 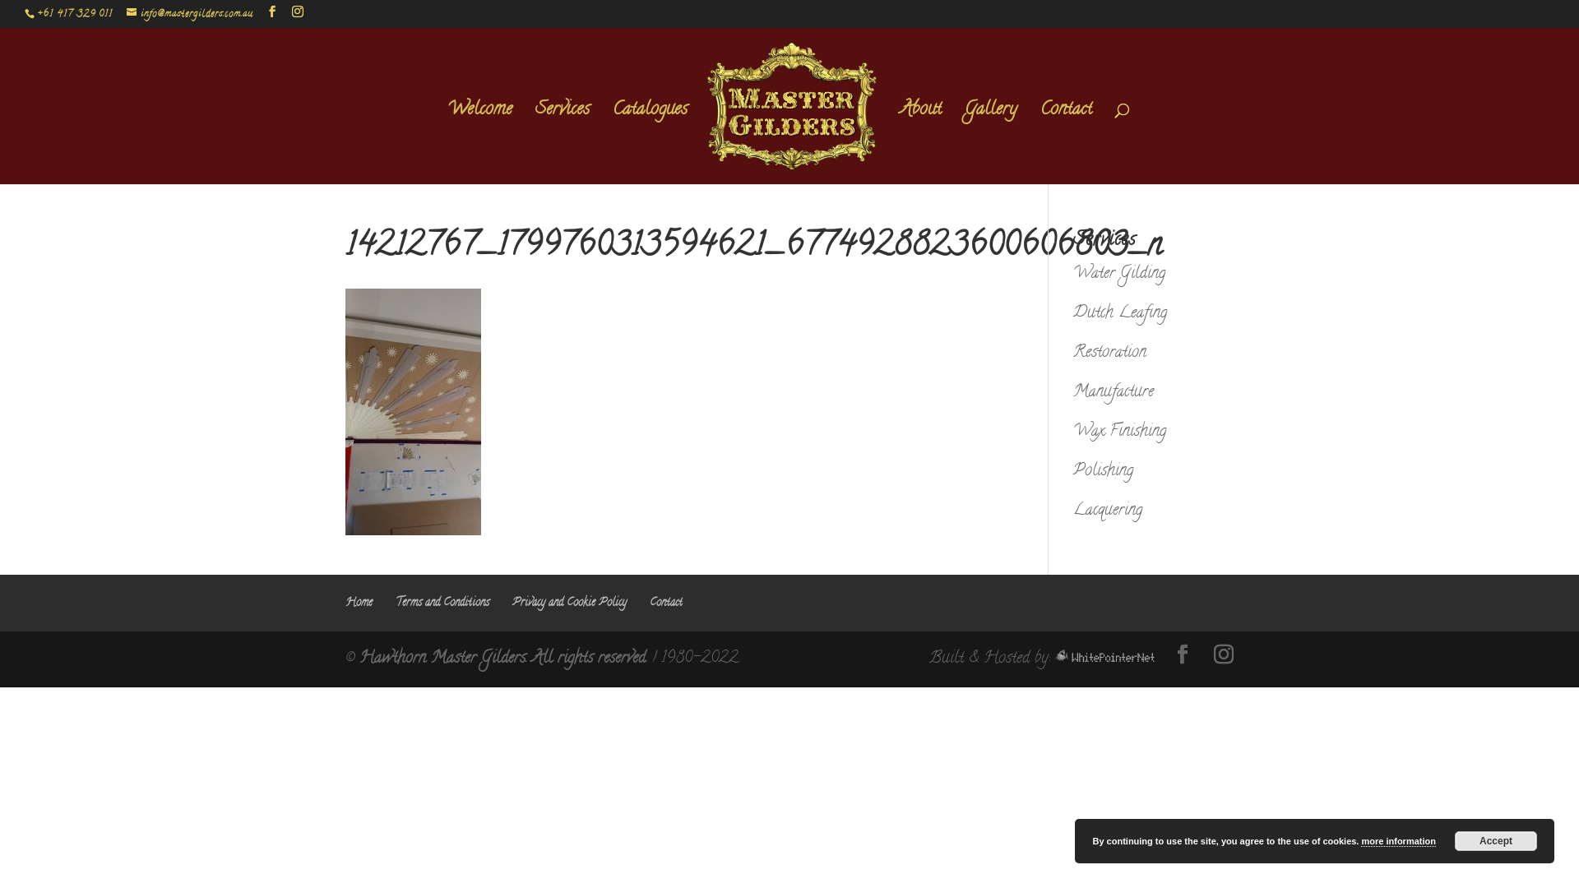 What do you see at coordinates (569, 603) in the screenshot?
I see `'Privacy and Cookie Policy'` at bounding box center [569, 603].